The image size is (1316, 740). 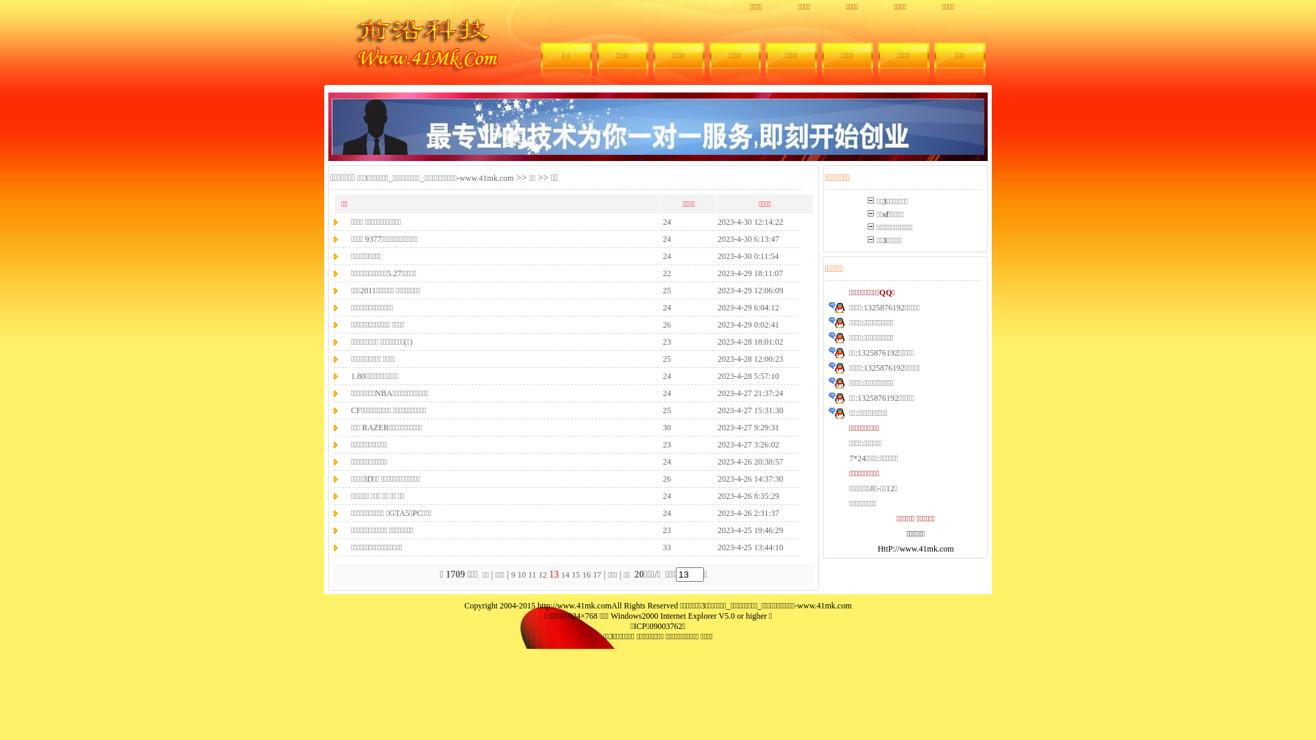 I want to click on '2023-4-30 0:11:54', so click(x=716, y=256).